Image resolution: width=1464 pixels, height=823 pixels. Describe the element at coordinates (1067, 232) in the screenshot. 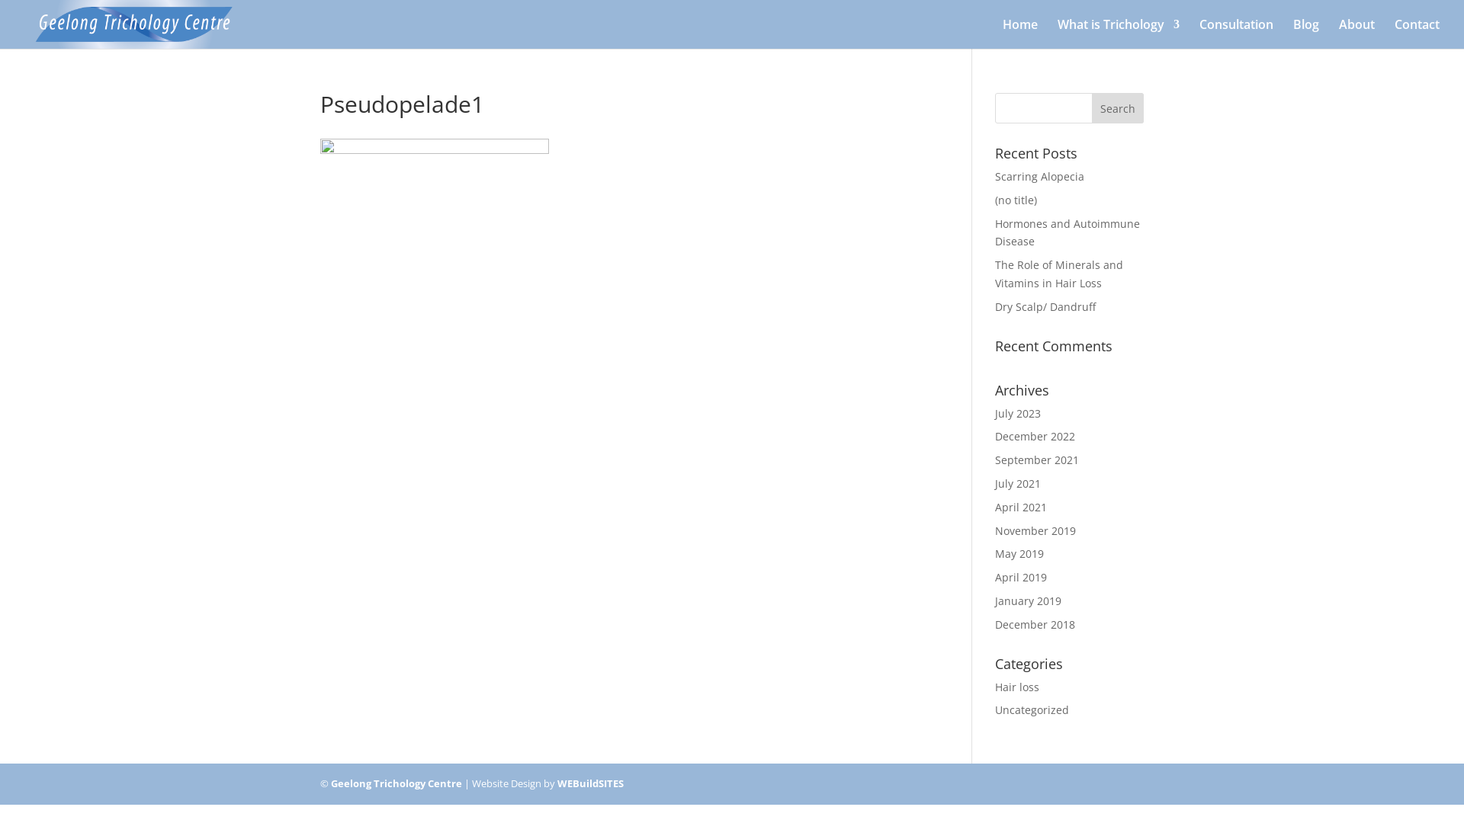

I see `'Hormones and Autoimmune Disease'` at that location.